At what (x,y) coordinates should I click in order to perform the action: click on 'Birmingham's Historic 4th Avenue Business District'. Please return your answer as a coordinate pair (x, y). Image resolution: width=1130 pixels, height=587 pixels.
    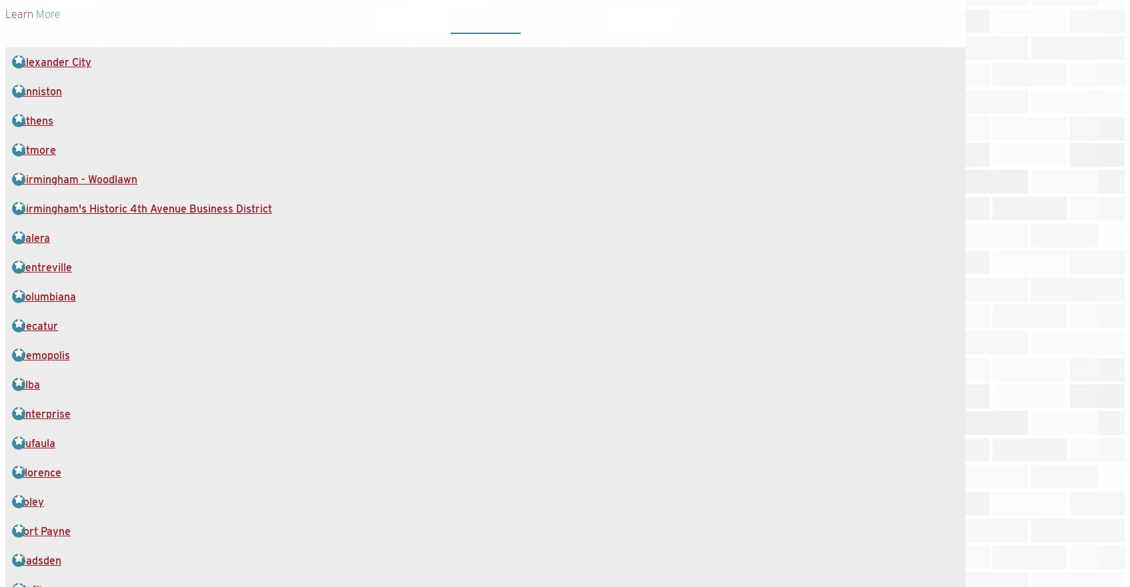
    Looking at the image, I should click on (144, 209).